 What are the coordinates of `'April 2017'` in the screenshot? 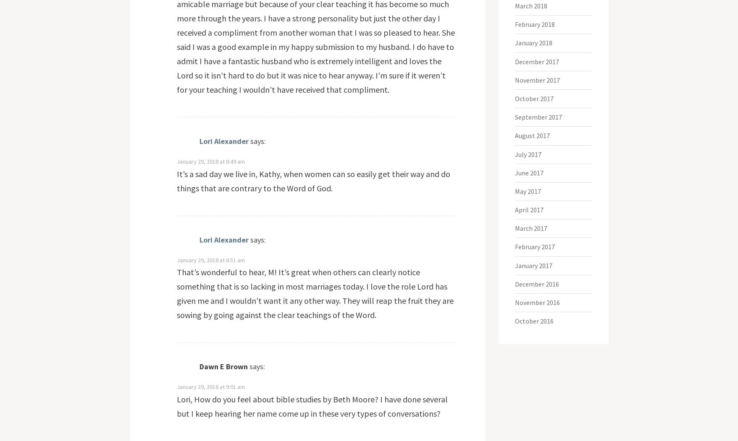 It's located at (515, 209).